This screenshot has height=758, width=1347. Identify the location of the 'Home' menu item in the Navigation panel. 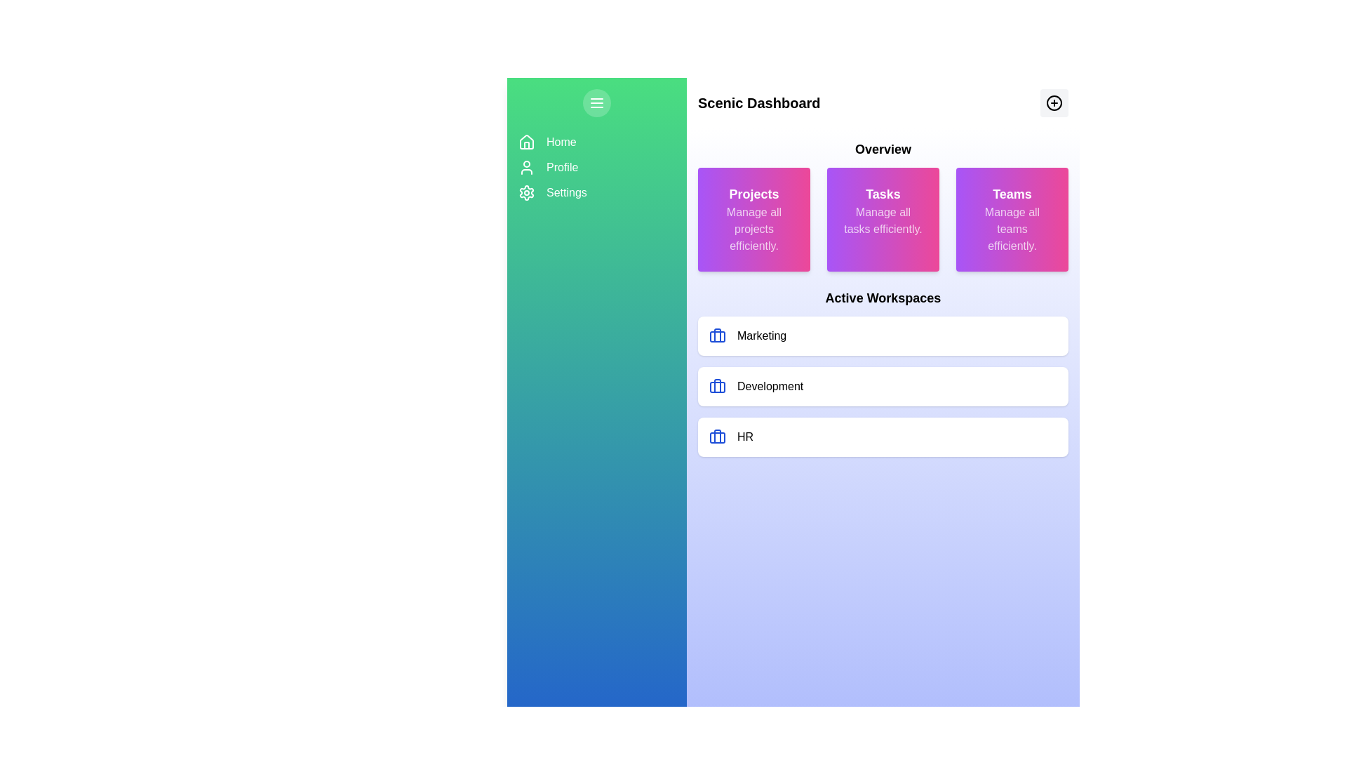
(596, 145).